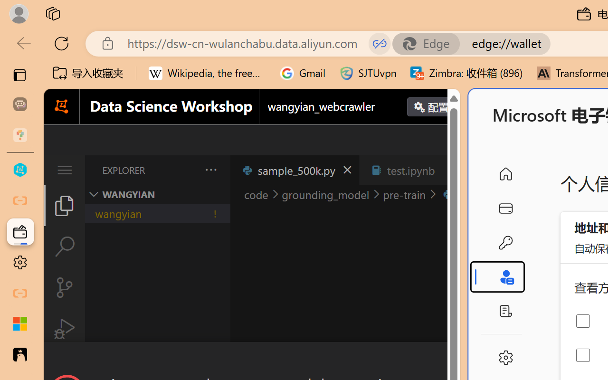 The height and width of the screenshot is (380, 608). What do you see at coordinates (294, 170) in the screenshot?
I see `'sample_500k.py'` at bounding box center [294, 170].